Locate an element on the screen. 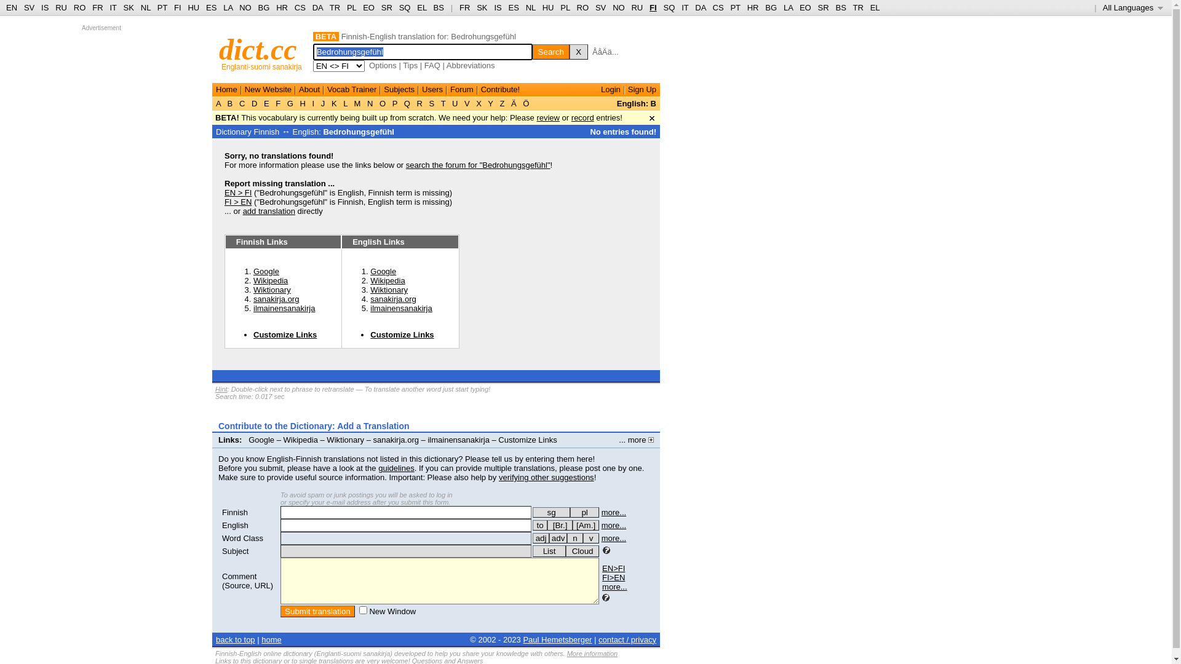 This screenshot has height=664, width=1181. 'DA' is located at coordinates (317, 7).